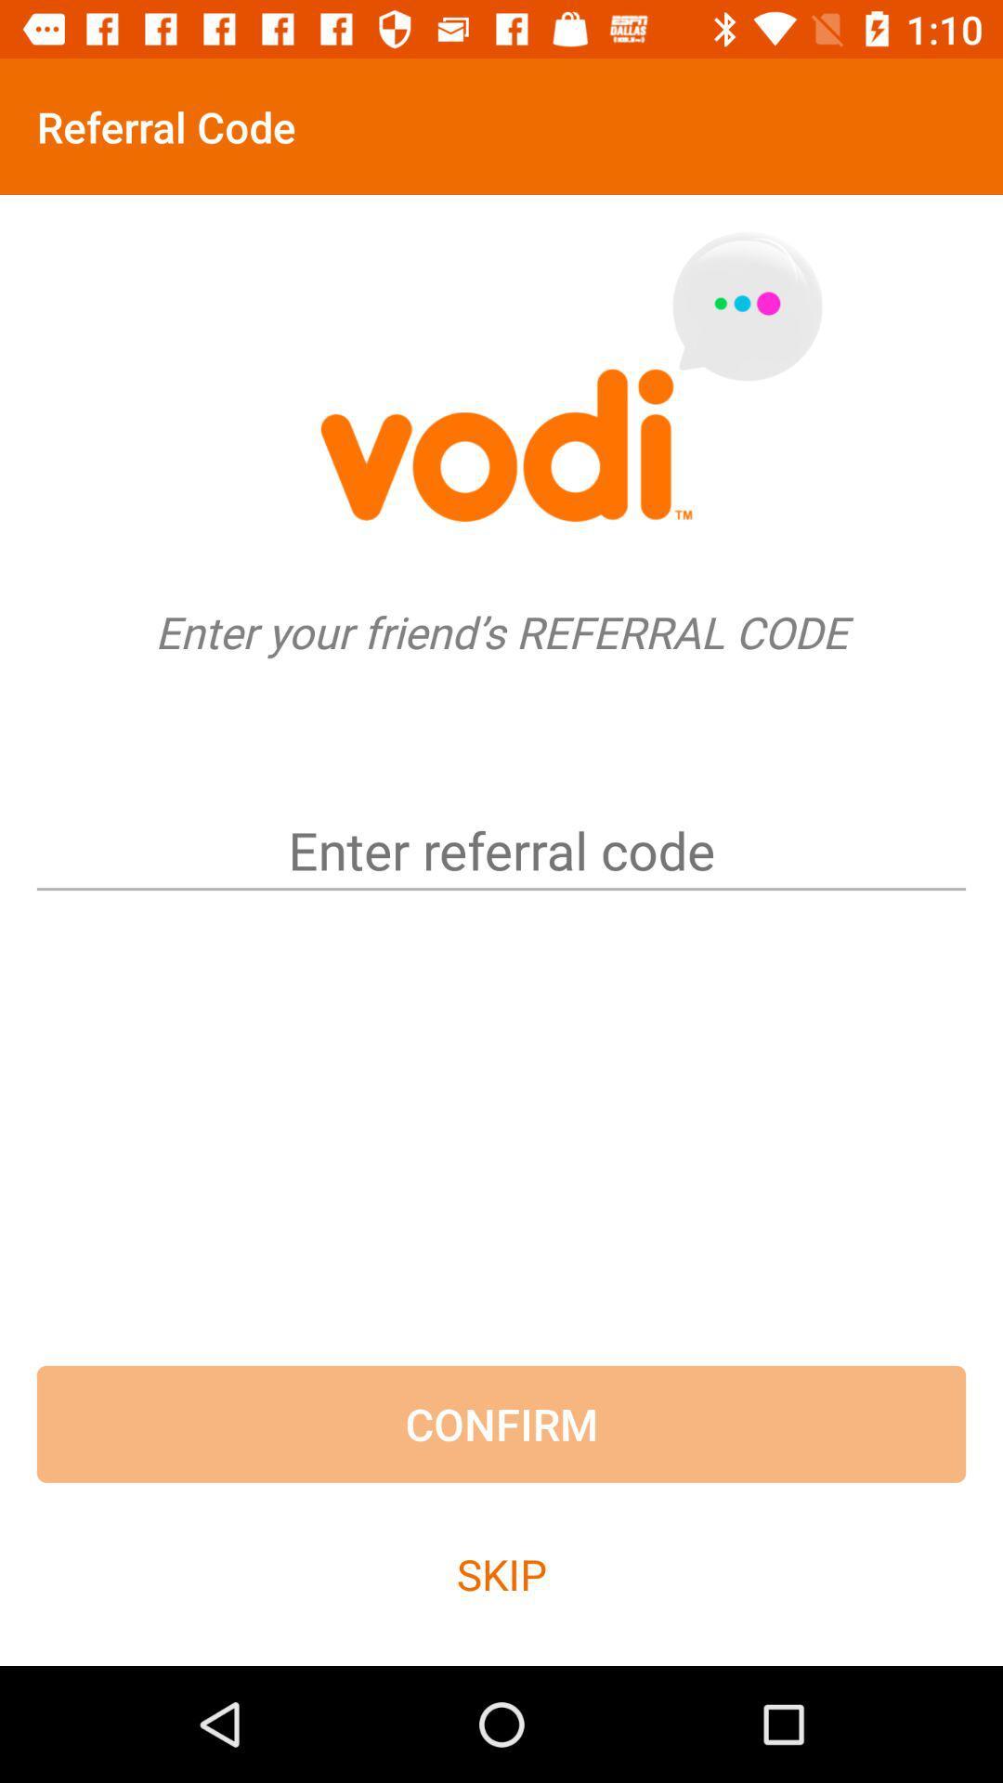  What do you see at coordinates (501, 1423) in the screenshot?
I see `the item above skip` at bounding box center [501, 1423].